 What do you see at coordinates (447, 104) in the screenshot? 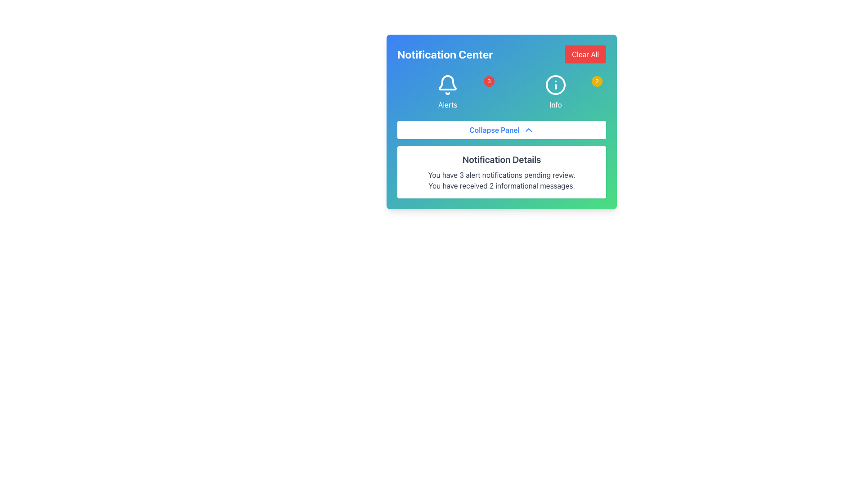
I see `text label that displays 'Alerts' in bold white color, located below the bell icon in the notification center interface` at bounding box center [447, 104].